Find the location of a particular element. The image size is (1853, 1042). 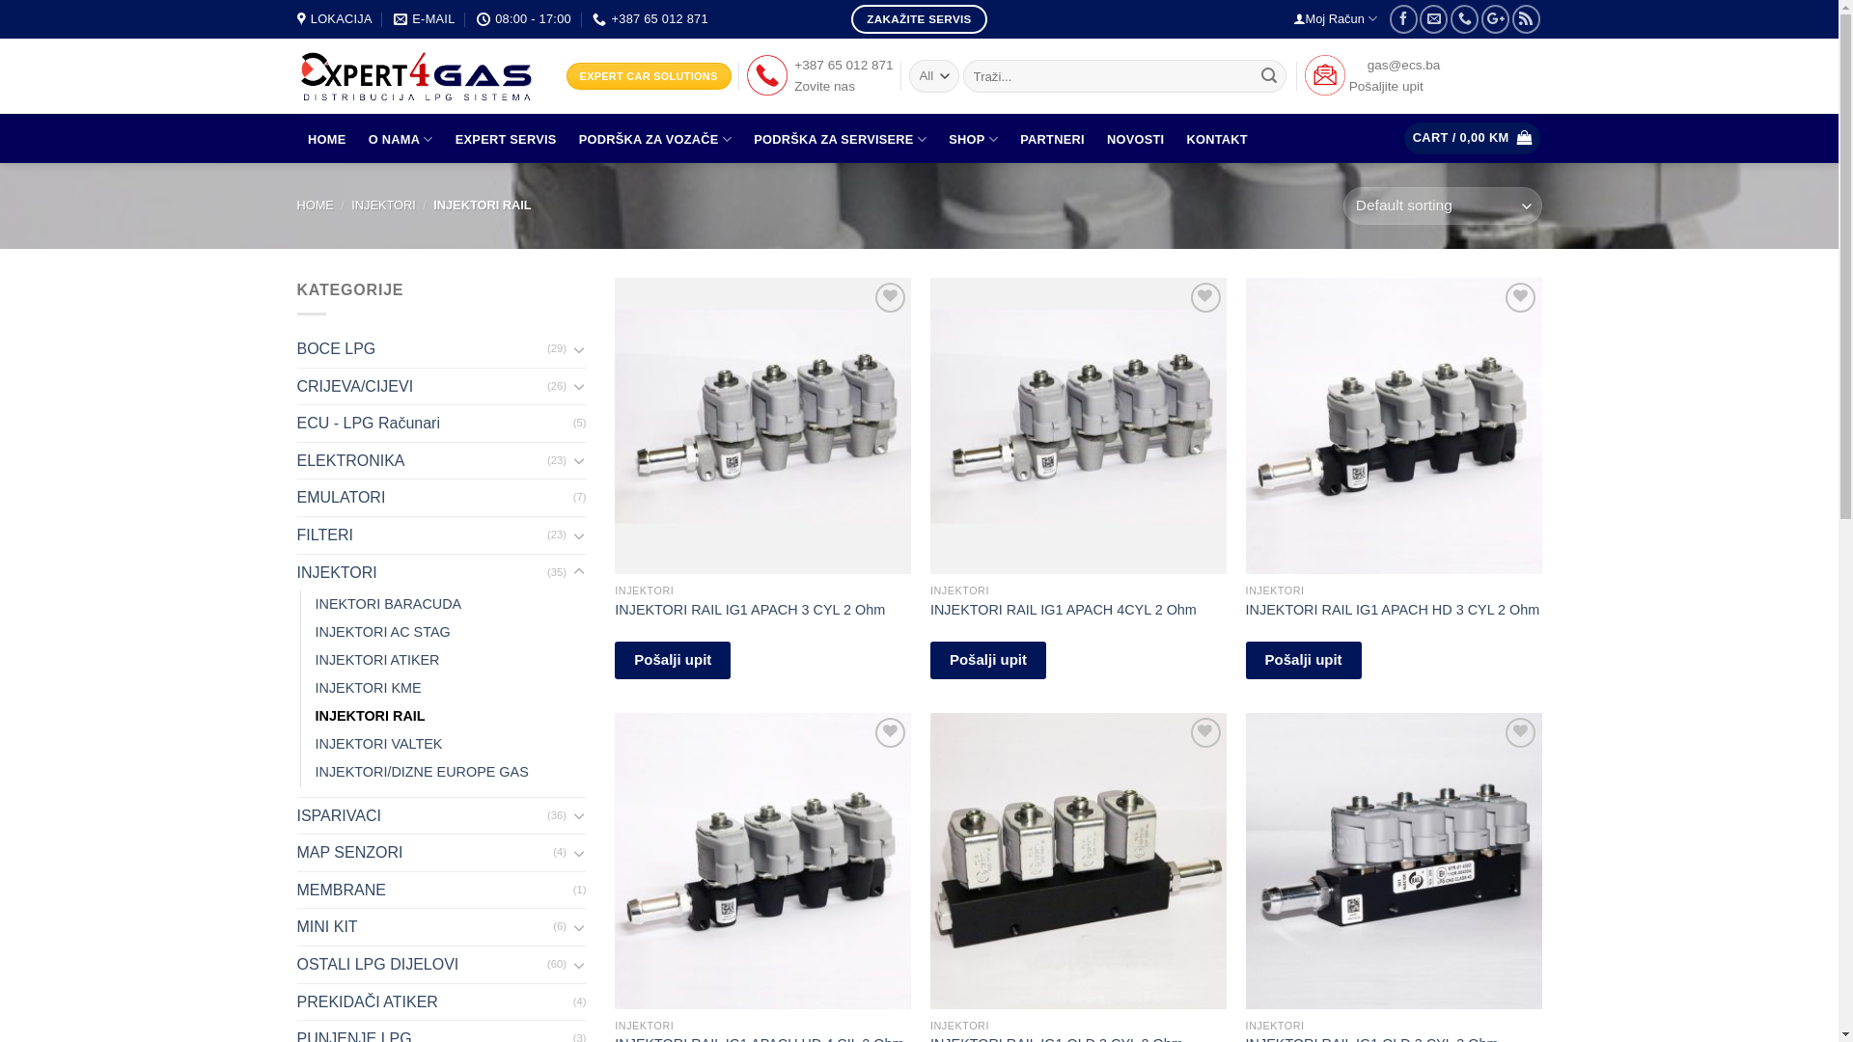

'Expert 4 Gas - Distribucija LPG siteme, dijelova i opreme' is located at coordinates (416, 75).